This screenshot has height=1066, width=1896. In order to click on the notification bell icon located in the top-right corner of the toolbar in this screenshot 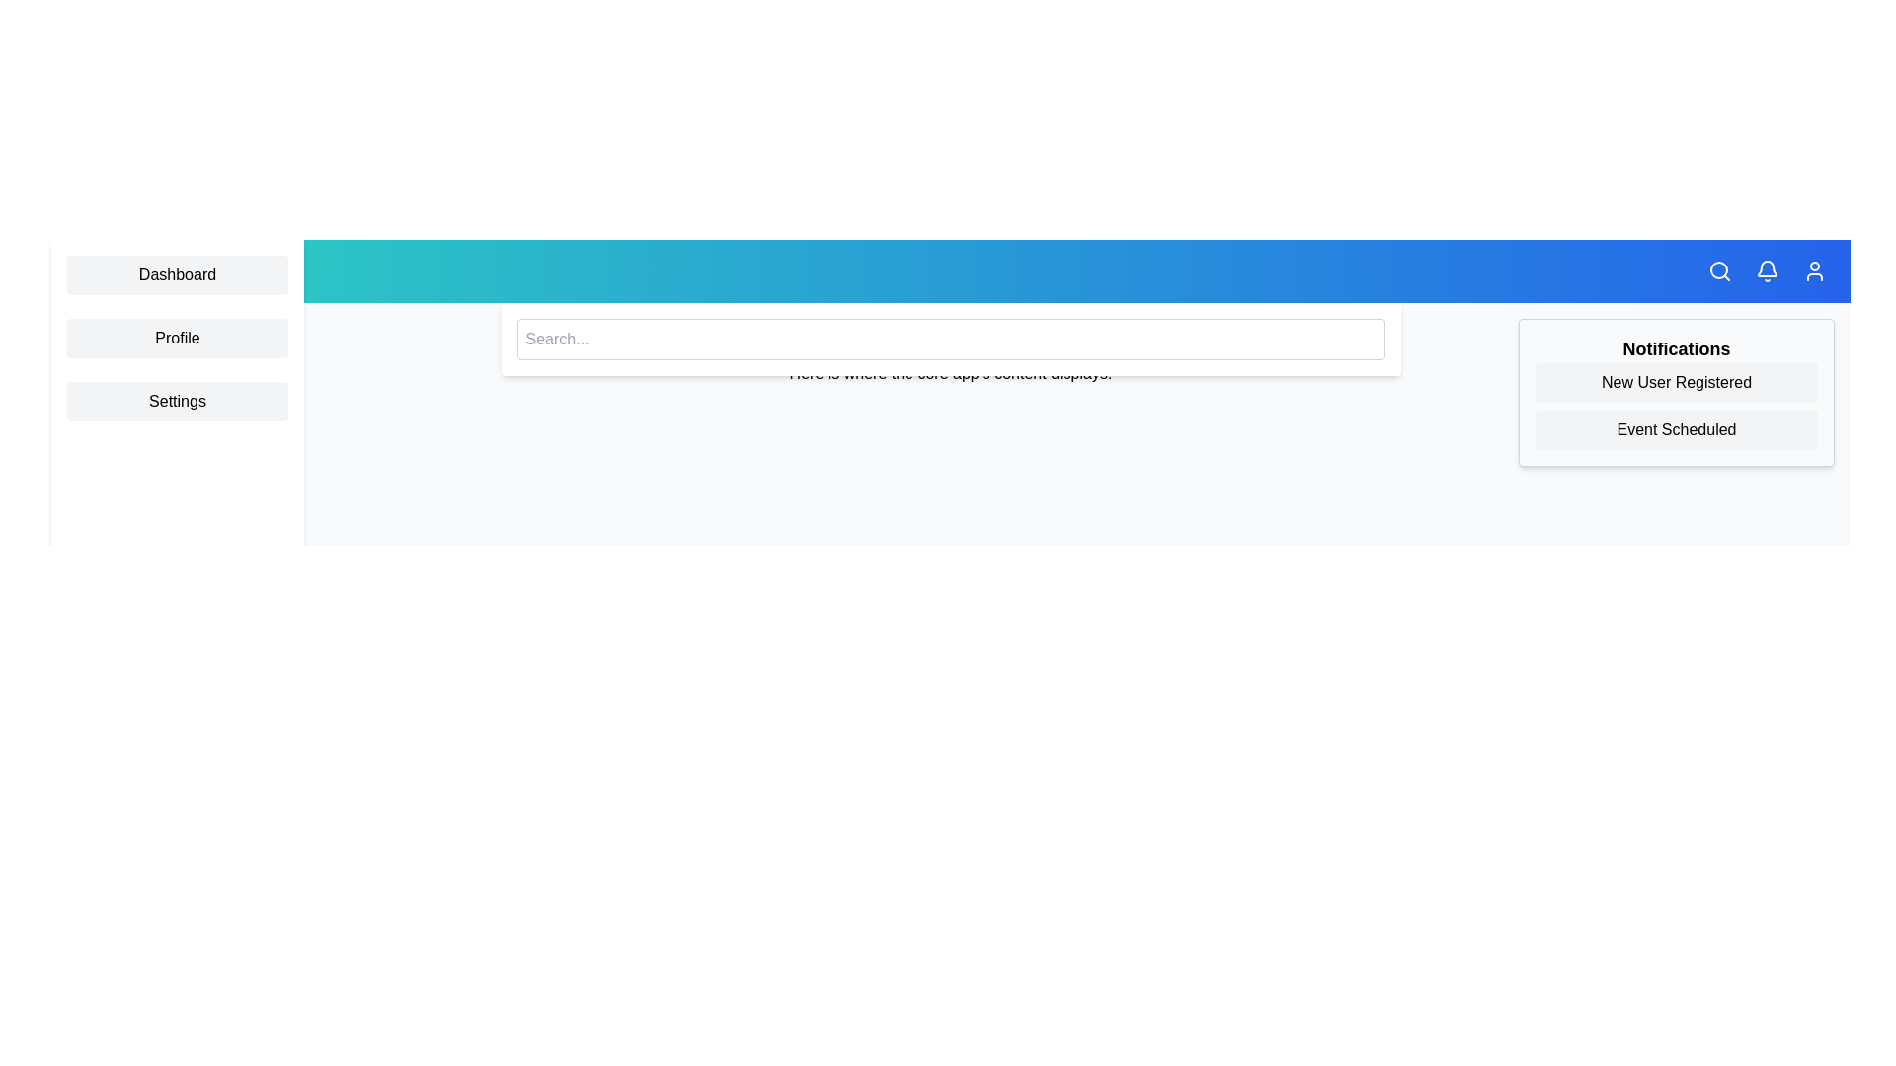, I will do `click(1768, 268)`.